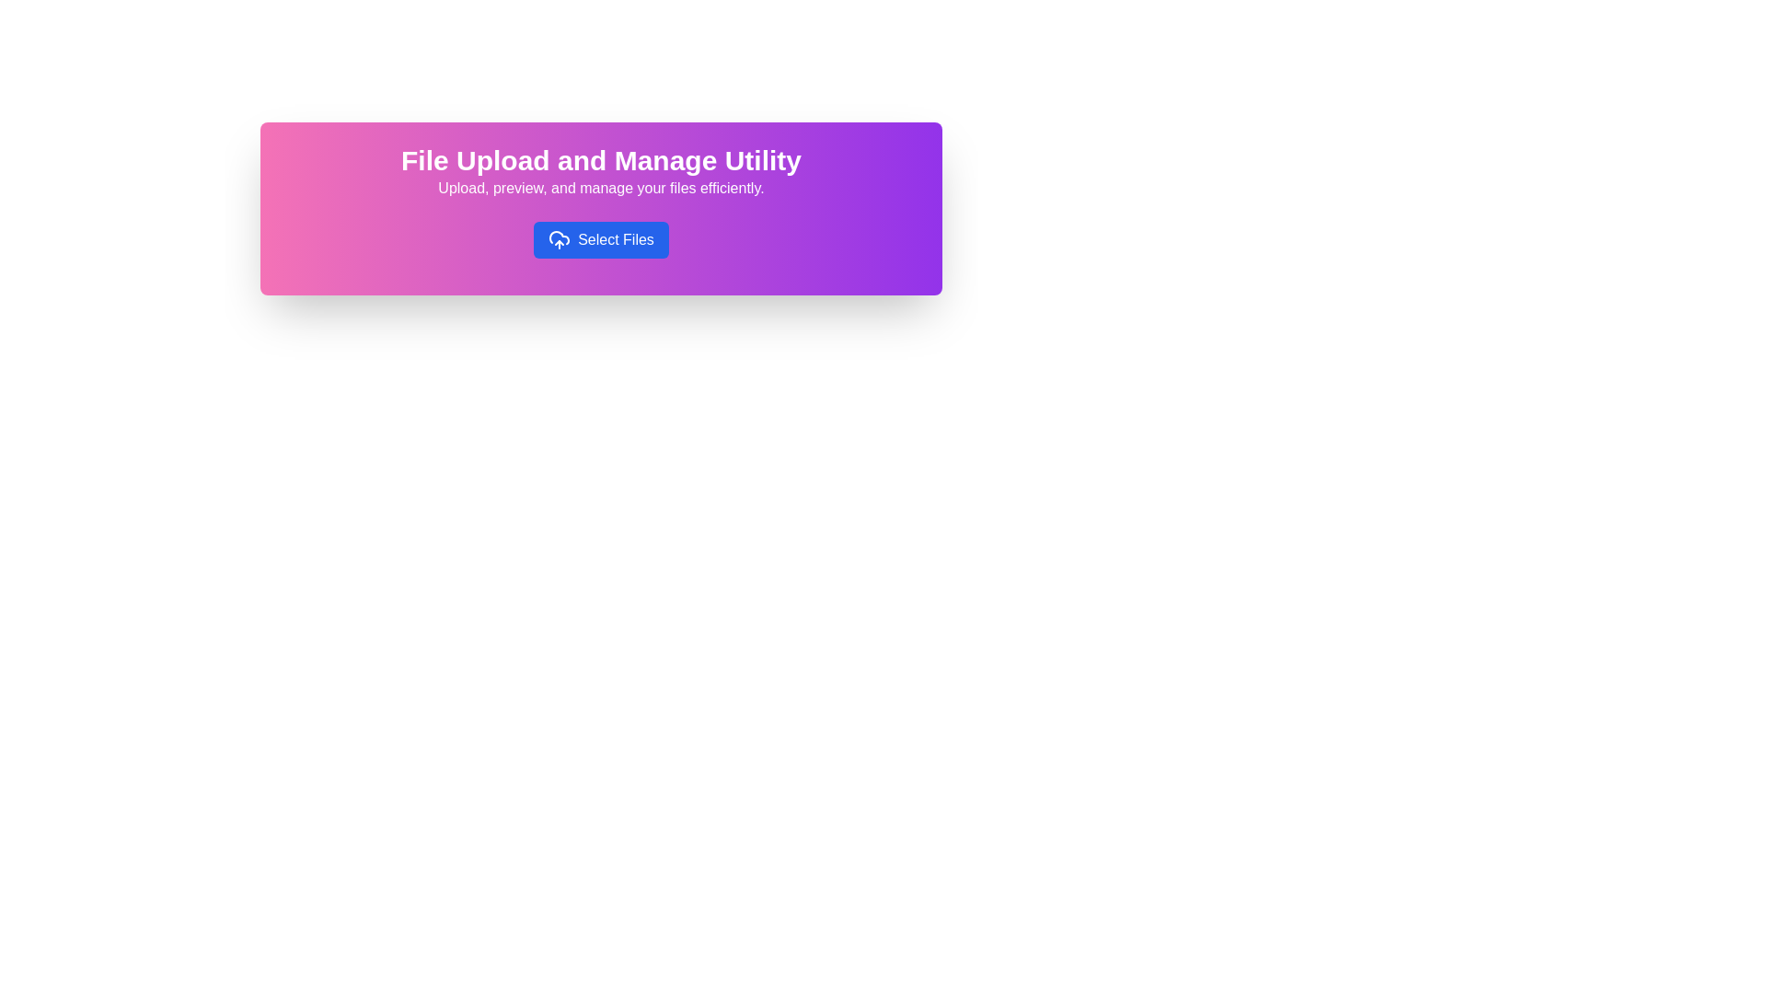  Describe the element at coordinates (601, 208) in the screenshot. I see `the blue button labeled 'Select Files' within the card titled 'File Upload and Manage Utility', which is prominently displayed in the center of the interface` at that location.